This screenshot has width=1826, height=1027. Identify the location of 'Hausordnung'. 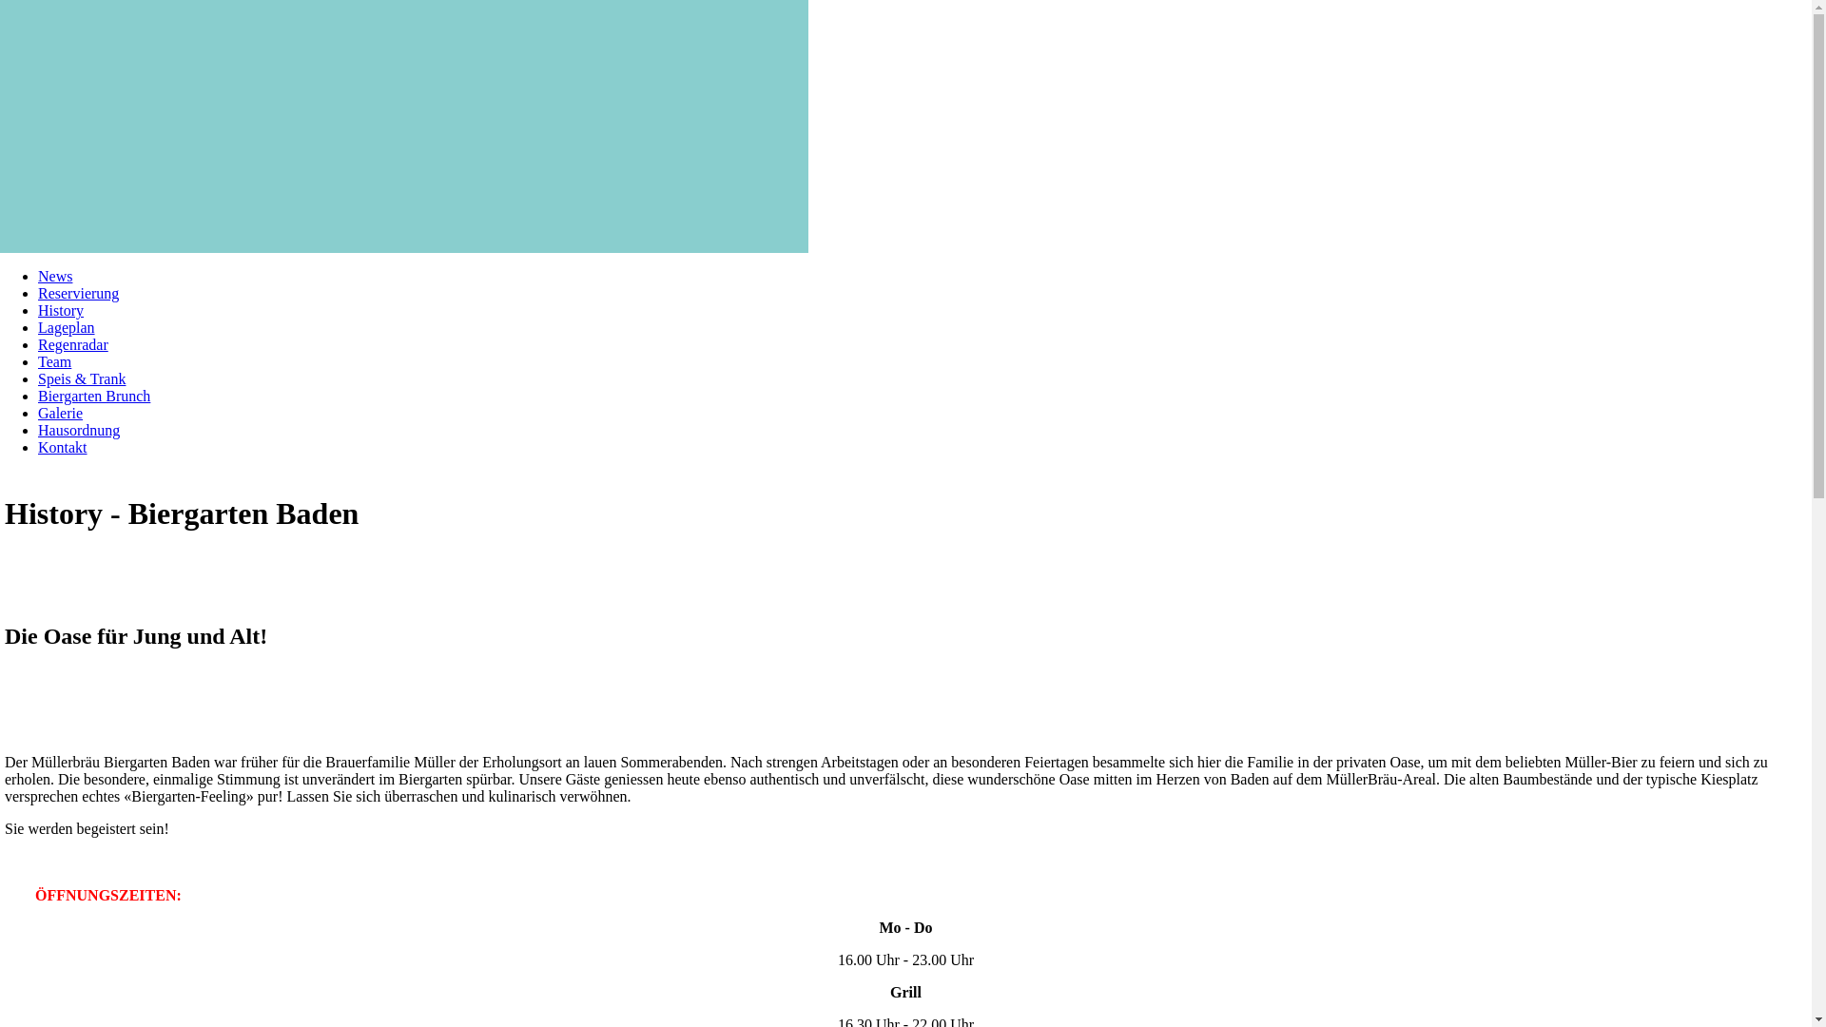
(77, 430).